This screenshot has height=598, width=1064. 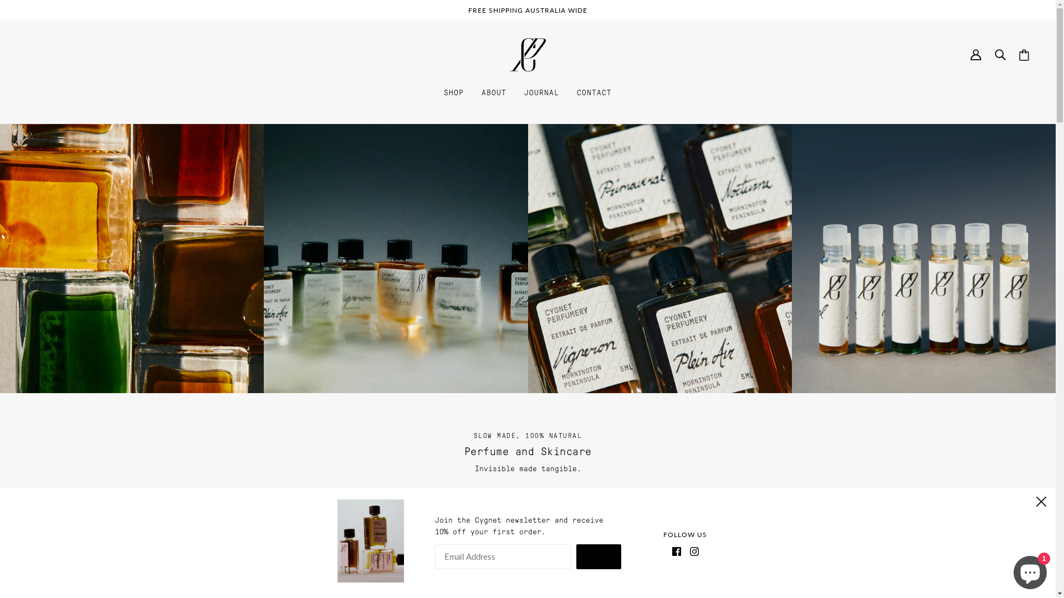 What do you see at coordinates (527, 55) in the screenshot?
I see `'Cygnet Perfumery'` at bounding box center [527, 55].